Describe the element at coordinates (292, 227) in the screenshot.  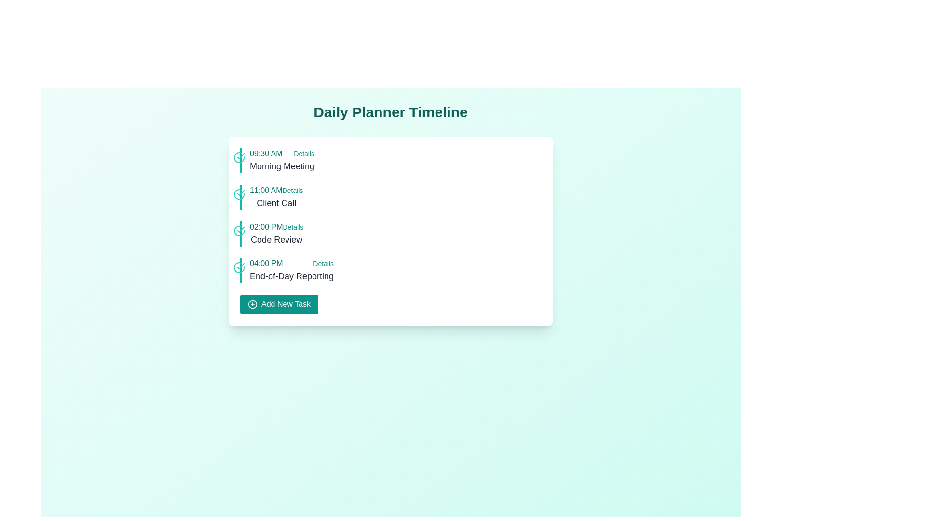
I see `the hyperlink located to the right of the text '02:00 PM' and above 'Code Review' in the third position of the scheduled items list` at that location.